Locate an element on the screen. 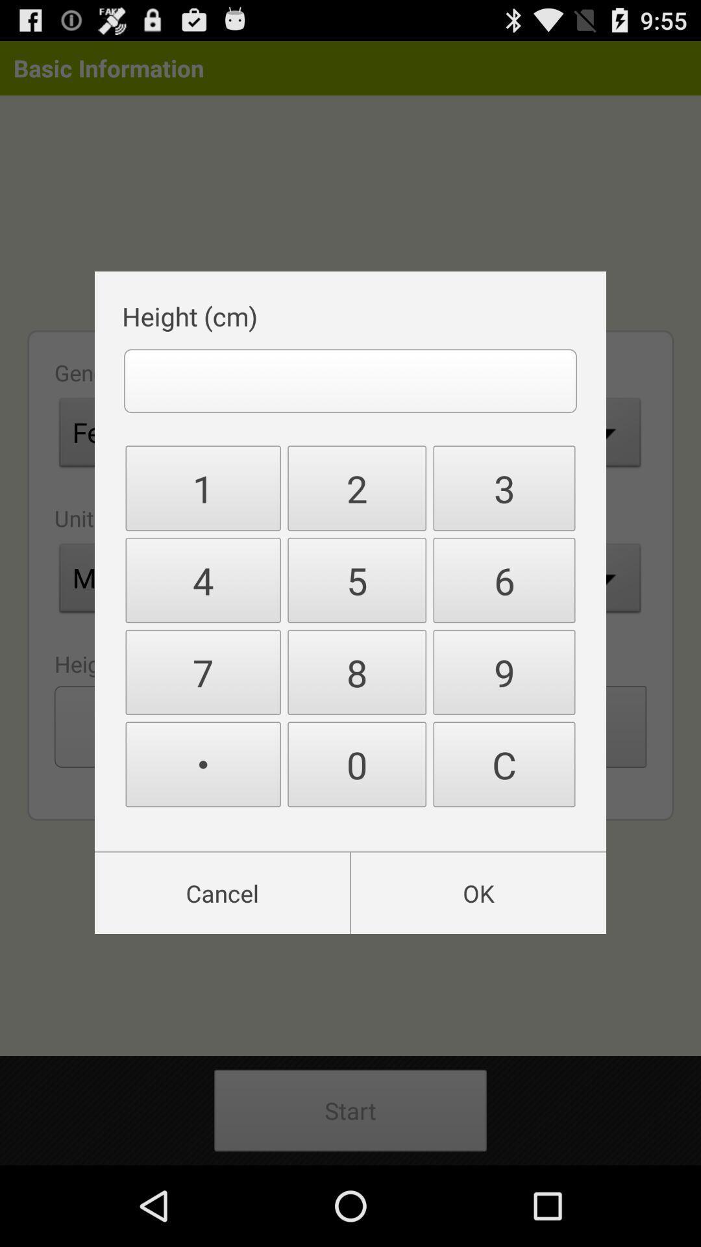 This screenshot has height=1247, width=701. 5 button is located at coordinates (357, 579).